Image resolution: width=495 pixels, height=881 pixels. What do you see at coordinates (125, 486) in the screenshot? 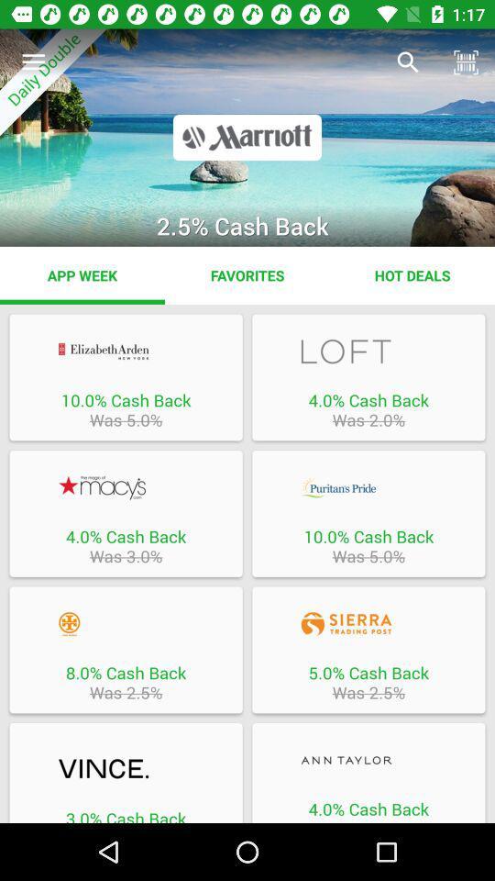
I see `visit macy 's website` at bounding box center [125, 486].